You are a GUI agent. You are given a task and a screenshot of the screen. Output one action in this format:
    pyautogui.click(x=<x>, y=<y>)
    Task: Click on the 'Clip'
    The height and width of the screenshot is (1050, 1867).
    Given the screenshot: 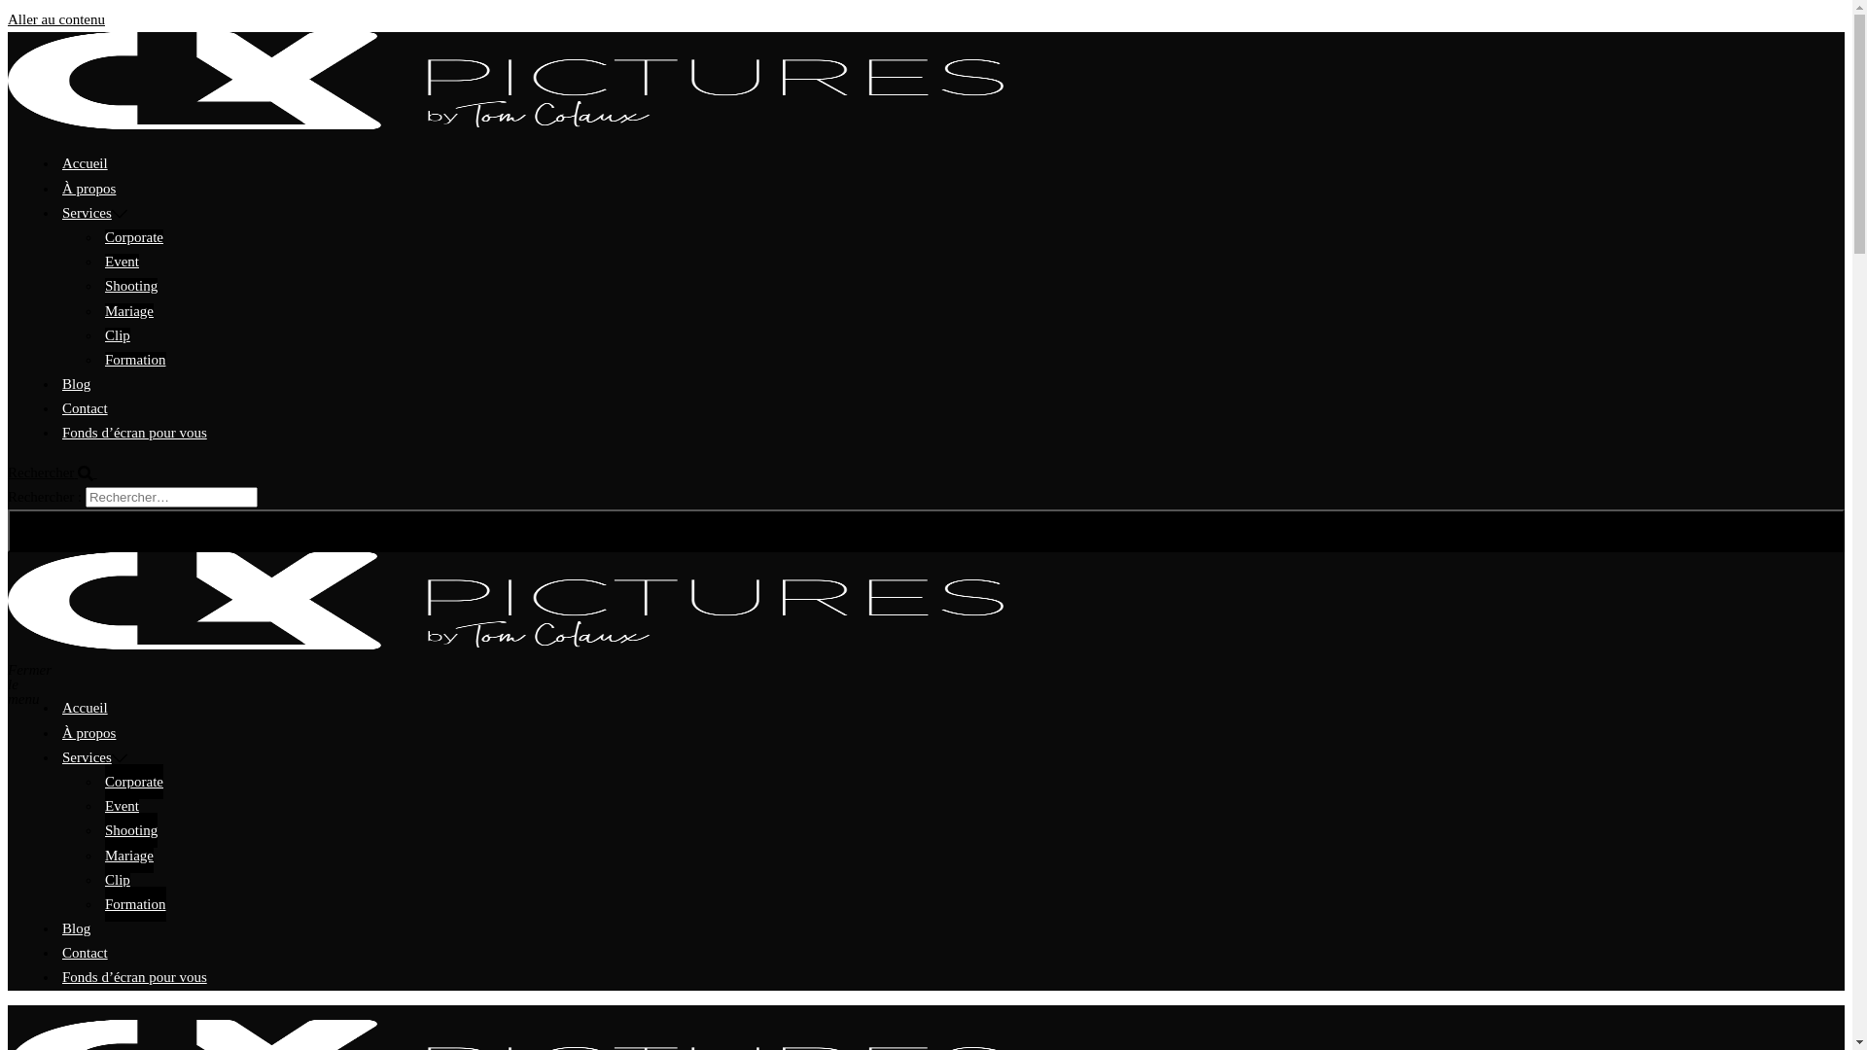 What is the action you would take?
    pyautogui.click(x=116, y=880)
    